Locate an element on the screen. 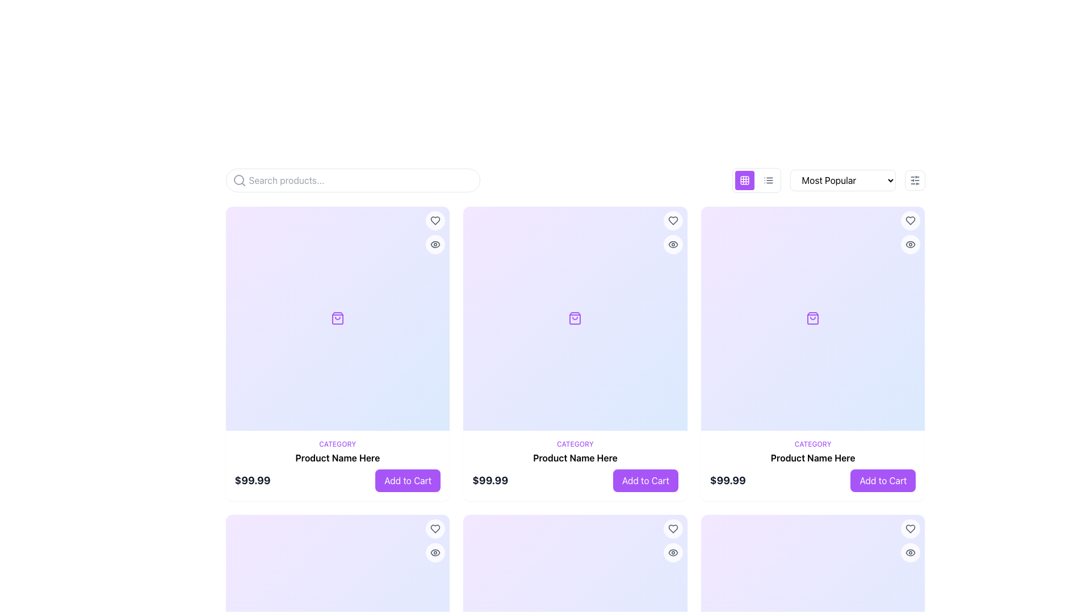 The height and width of the screenshot is (613, 1090). the like or favorite button located at the top-right corner of the second product card to mark the product as a favorite is located at coordinates (673, 221).